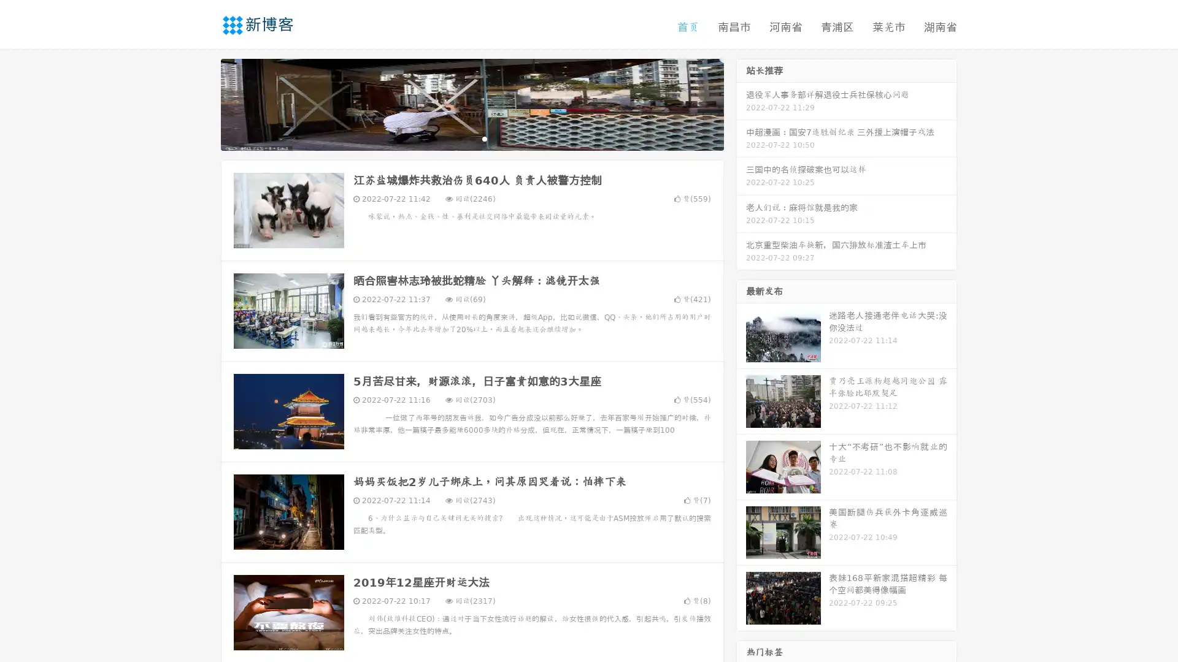  I want to click on Next slide, so click(741, 103).